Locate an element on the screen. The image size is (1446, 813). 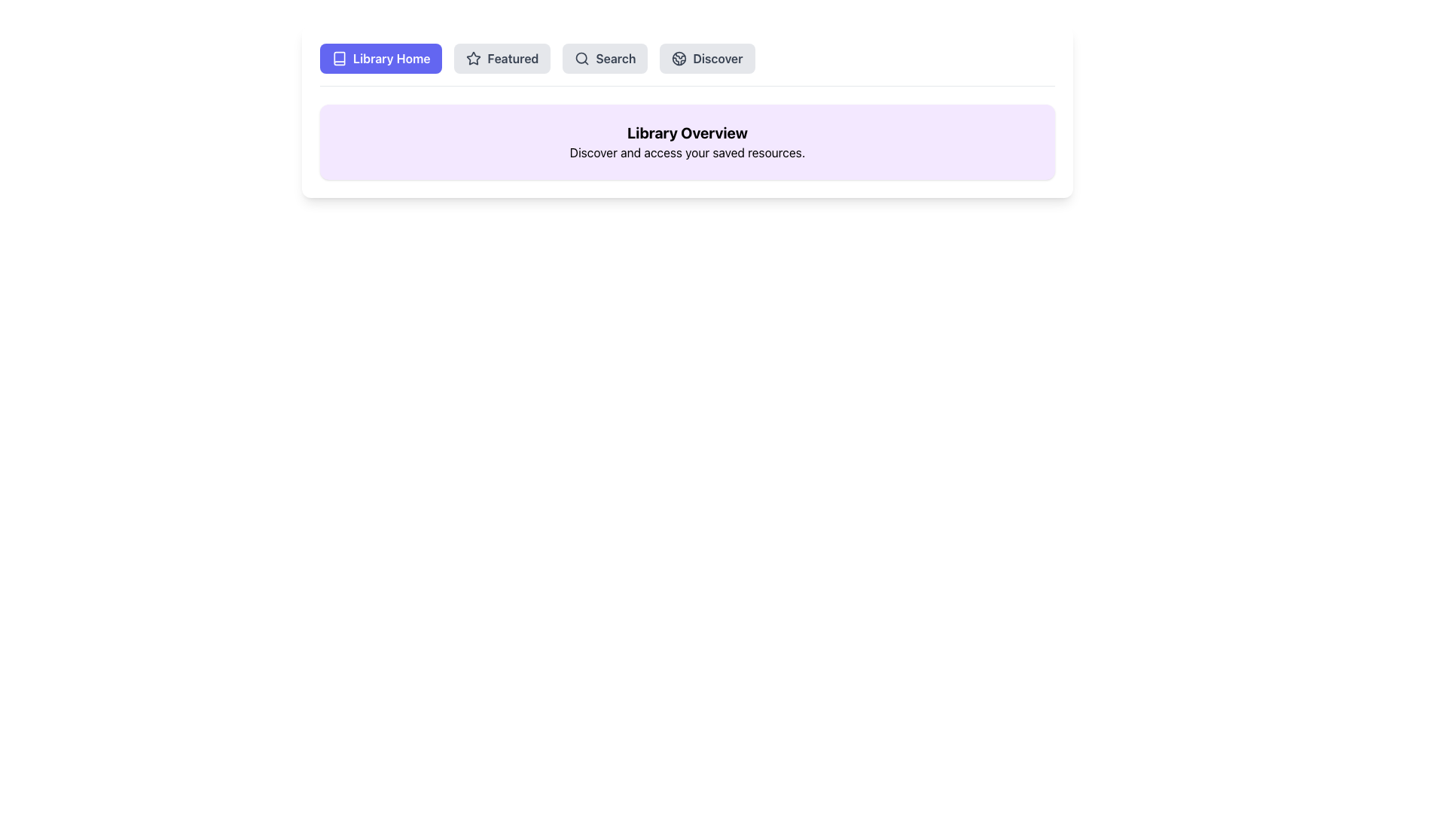
the central circle of the SVG icon in the header section, which is the third icon in a sequence of four icons, assisting in visual identification for search functionality is located at coordinates (581, 57).